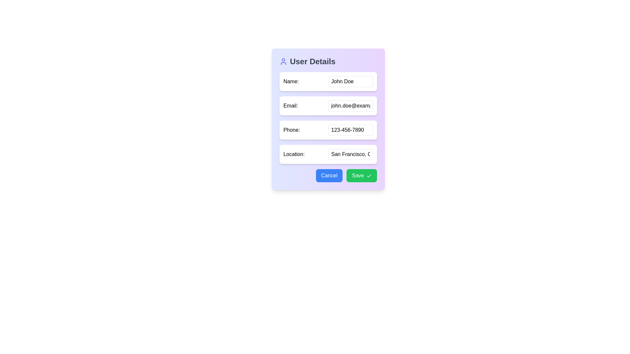 The image size is (630, 354). Describe the element at coordinates (369, 175) in the screenshot. I see `the checkmark icon located at the right end of the 'Save' button, which is styled with a green color and part of the 'lucide' icon set` at that location.